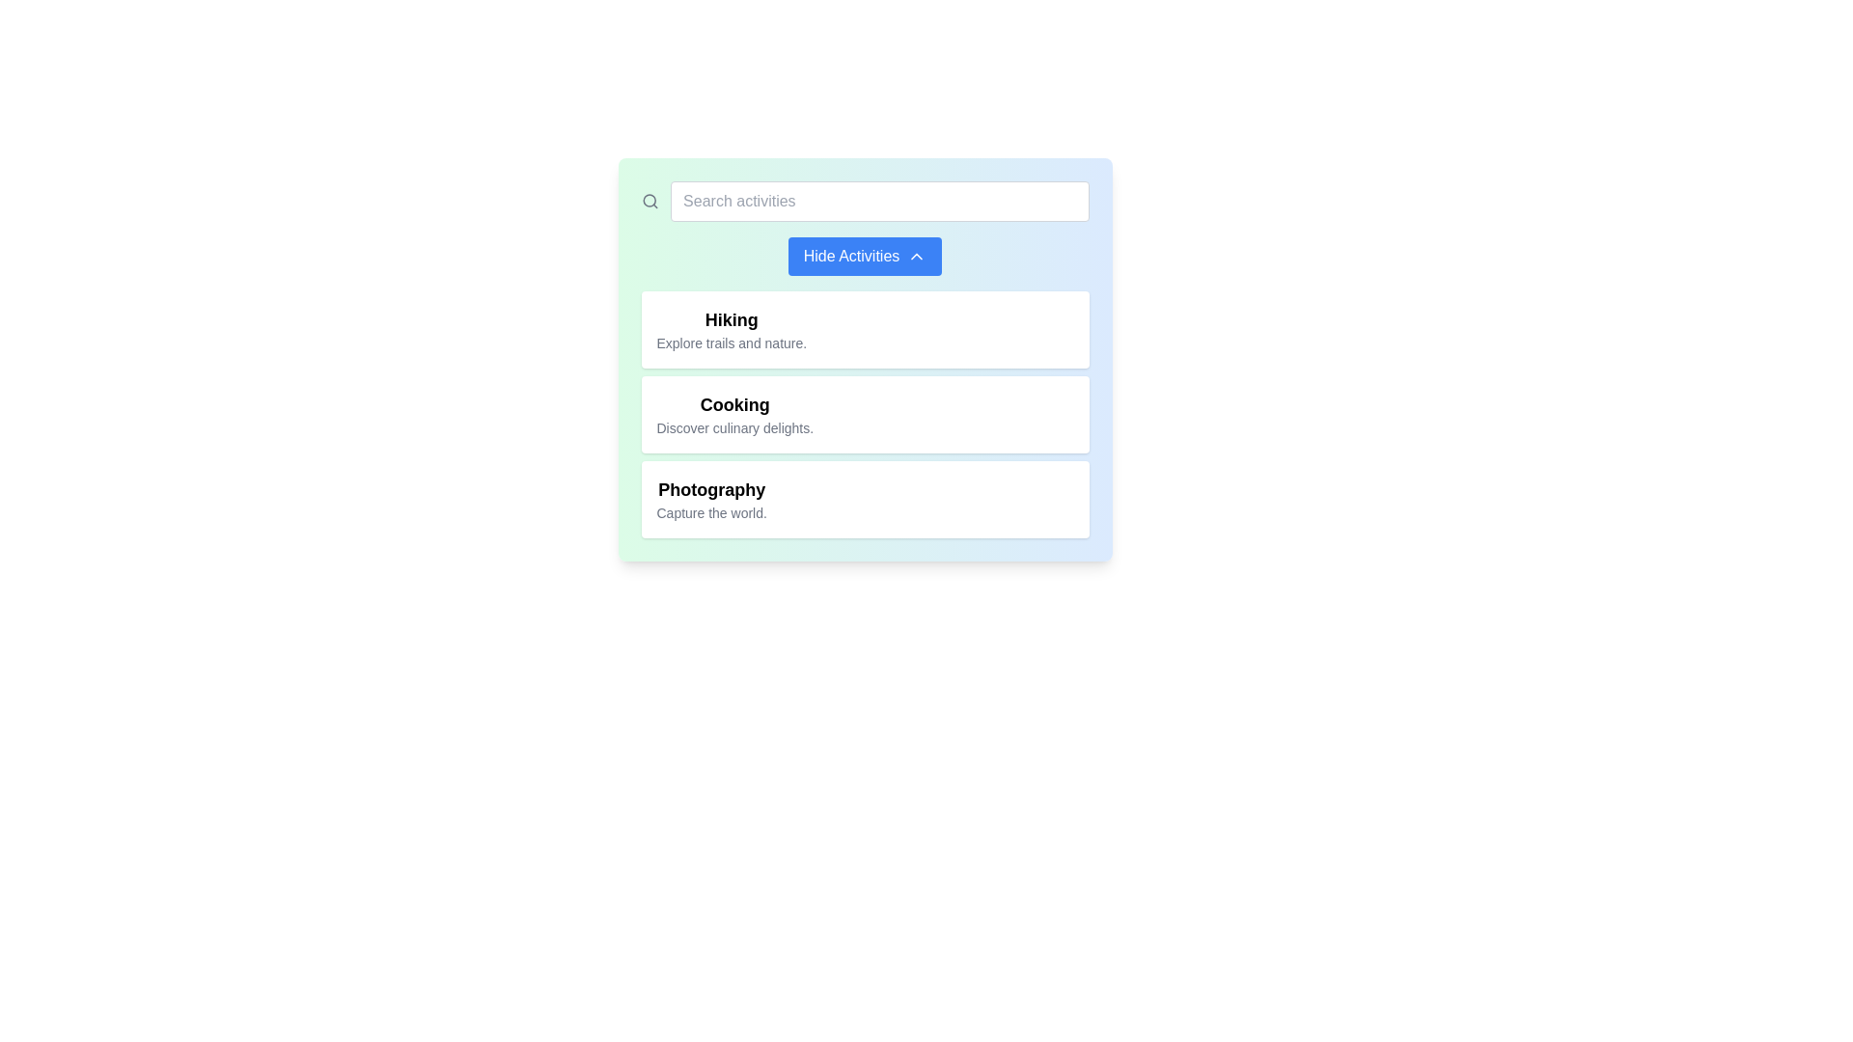 This screenshot has height=1042, width=1853. I want to click on prominently displayed bold text label 'Cooking' located centrally above the gray descriptive text 'Discover culinary delights.', so click(733, 404).